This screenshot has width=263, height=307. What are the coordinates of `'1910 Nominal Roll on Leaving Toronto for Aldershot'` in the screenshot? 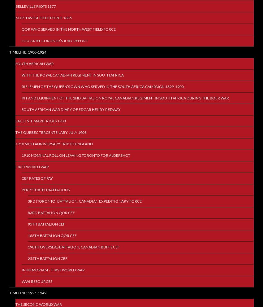 It's located at (76, 155).